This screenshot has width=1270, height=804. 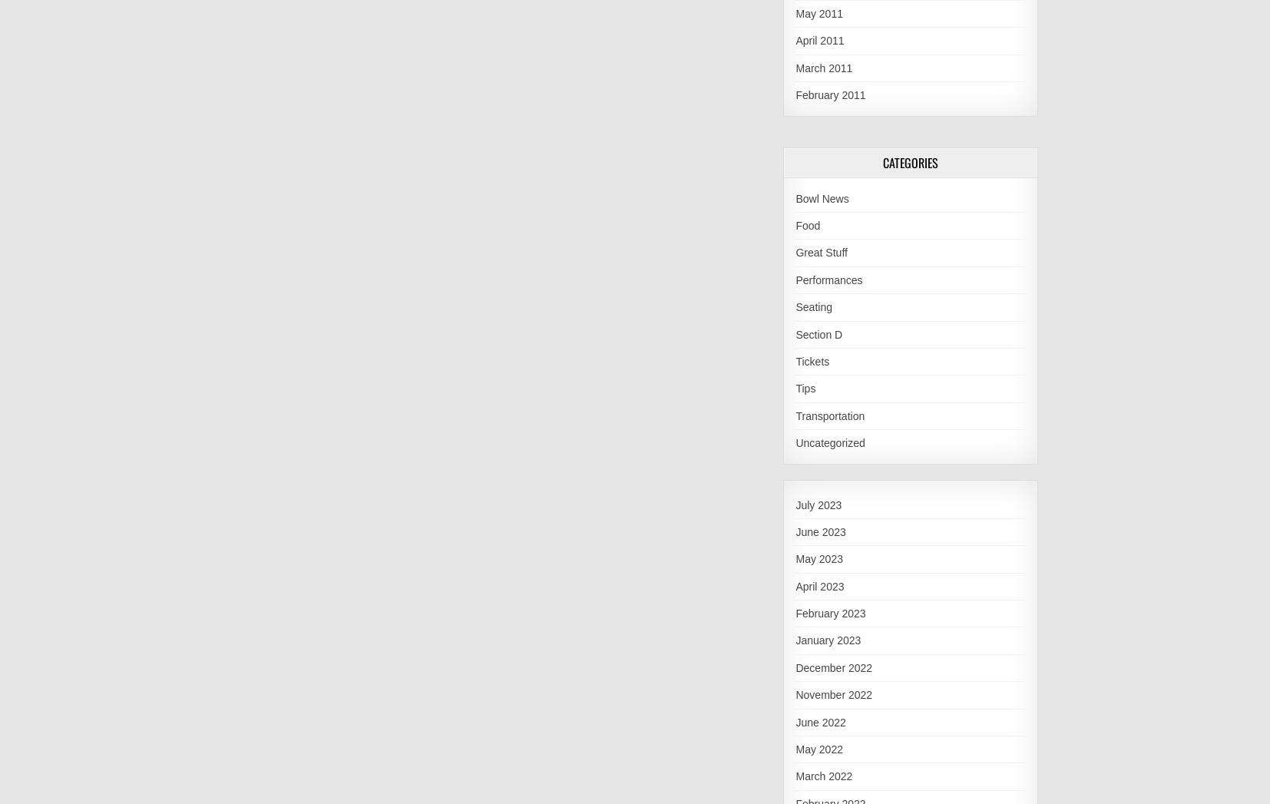 What do you see at coordinates (812, 306) in the screenshot?
I see `'Seating'` at bounding box center [812, 306].